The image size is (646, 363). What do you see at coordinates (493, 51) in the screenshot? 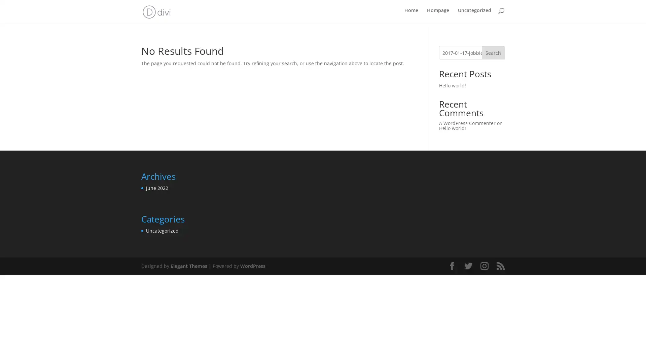
I see `Search` at bounding box center [493, 51].